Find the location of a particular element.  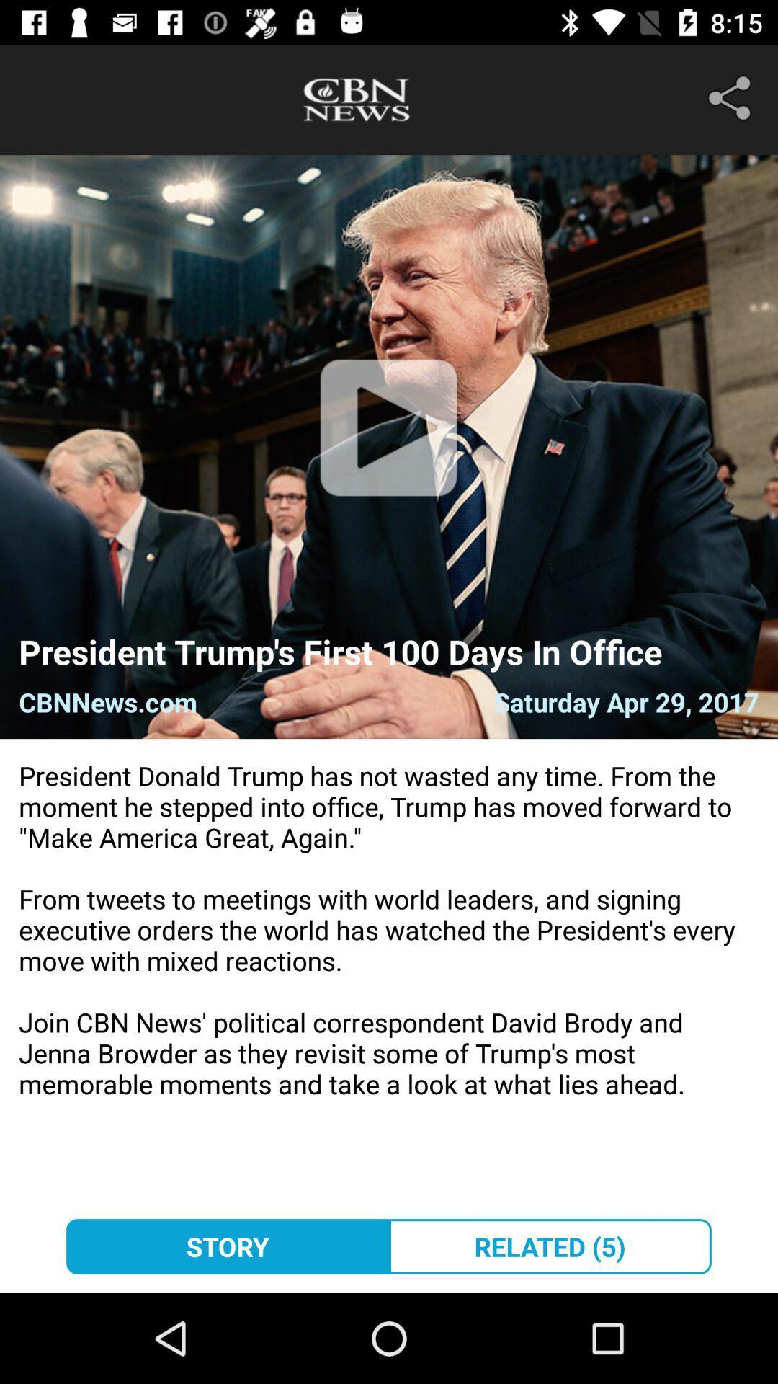

item above president trump s icon is located at coordinates (388, 445).